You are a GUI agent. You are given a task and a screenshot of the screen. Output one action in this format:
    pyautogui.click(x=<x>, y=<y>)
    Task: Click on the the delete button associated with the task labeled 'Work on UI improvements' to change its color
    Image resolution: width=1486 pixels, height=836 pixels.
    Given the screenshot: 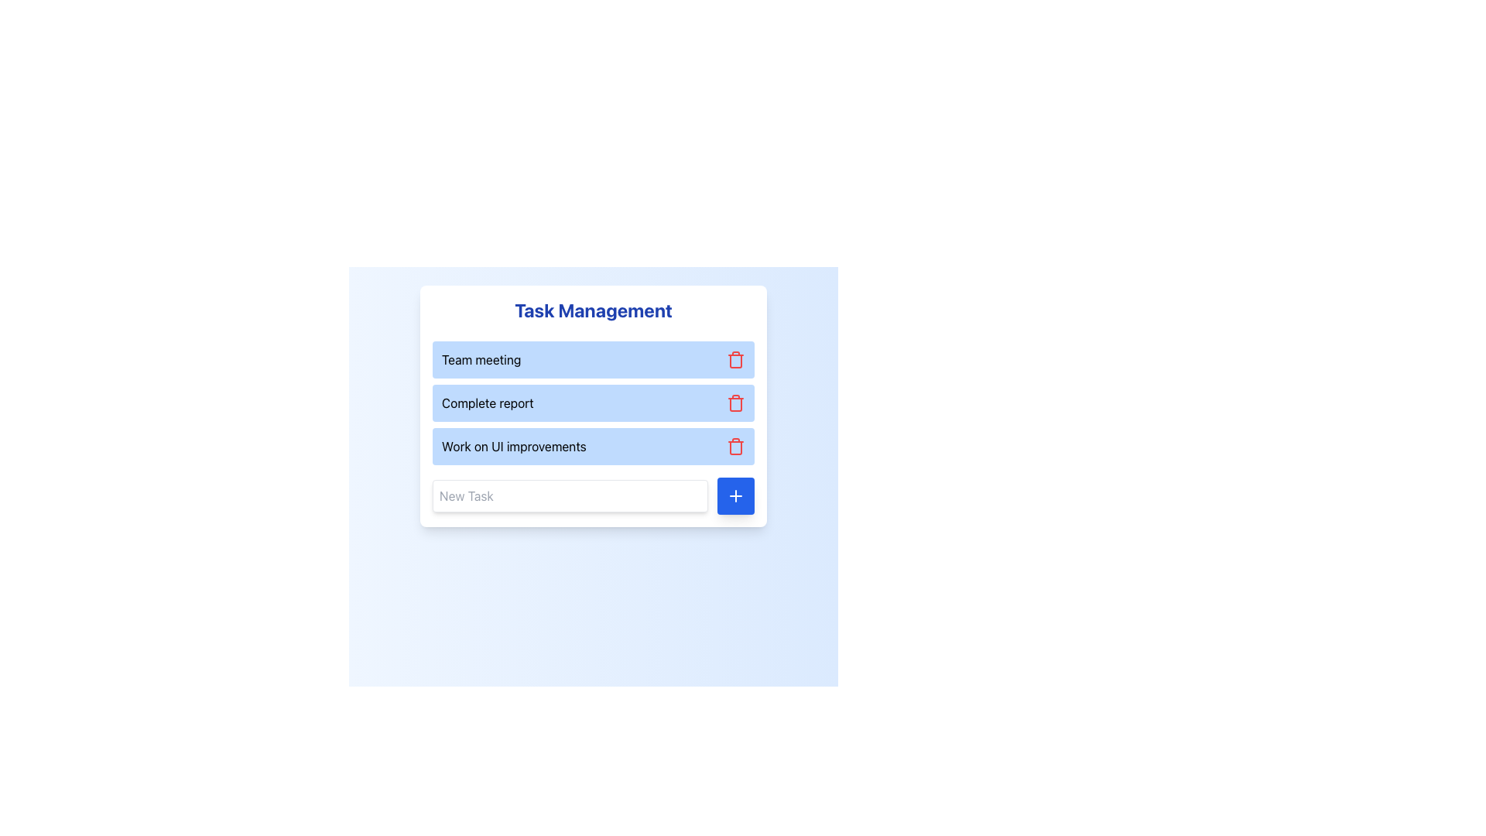 What is the action you would take?
    pyautogui.click(x=734, y=447)
    